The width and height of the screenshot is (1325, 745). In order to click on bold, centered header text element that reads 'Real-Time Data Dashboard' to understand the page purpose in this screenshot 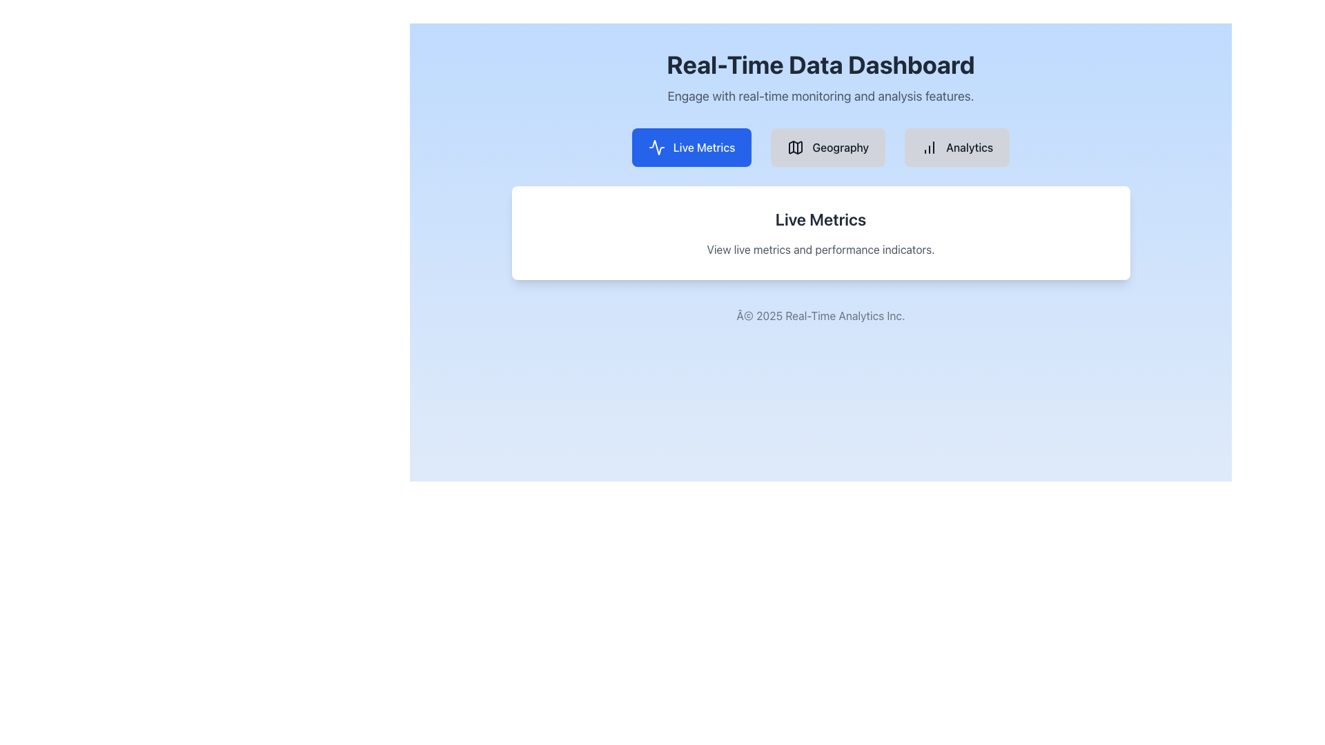, I will do `click(821, 64)`.